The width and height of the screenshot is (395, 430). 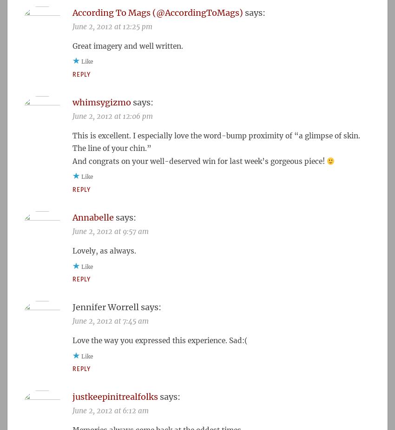 I want to click on 'whimsygizmo', so click(x=101, y=101).